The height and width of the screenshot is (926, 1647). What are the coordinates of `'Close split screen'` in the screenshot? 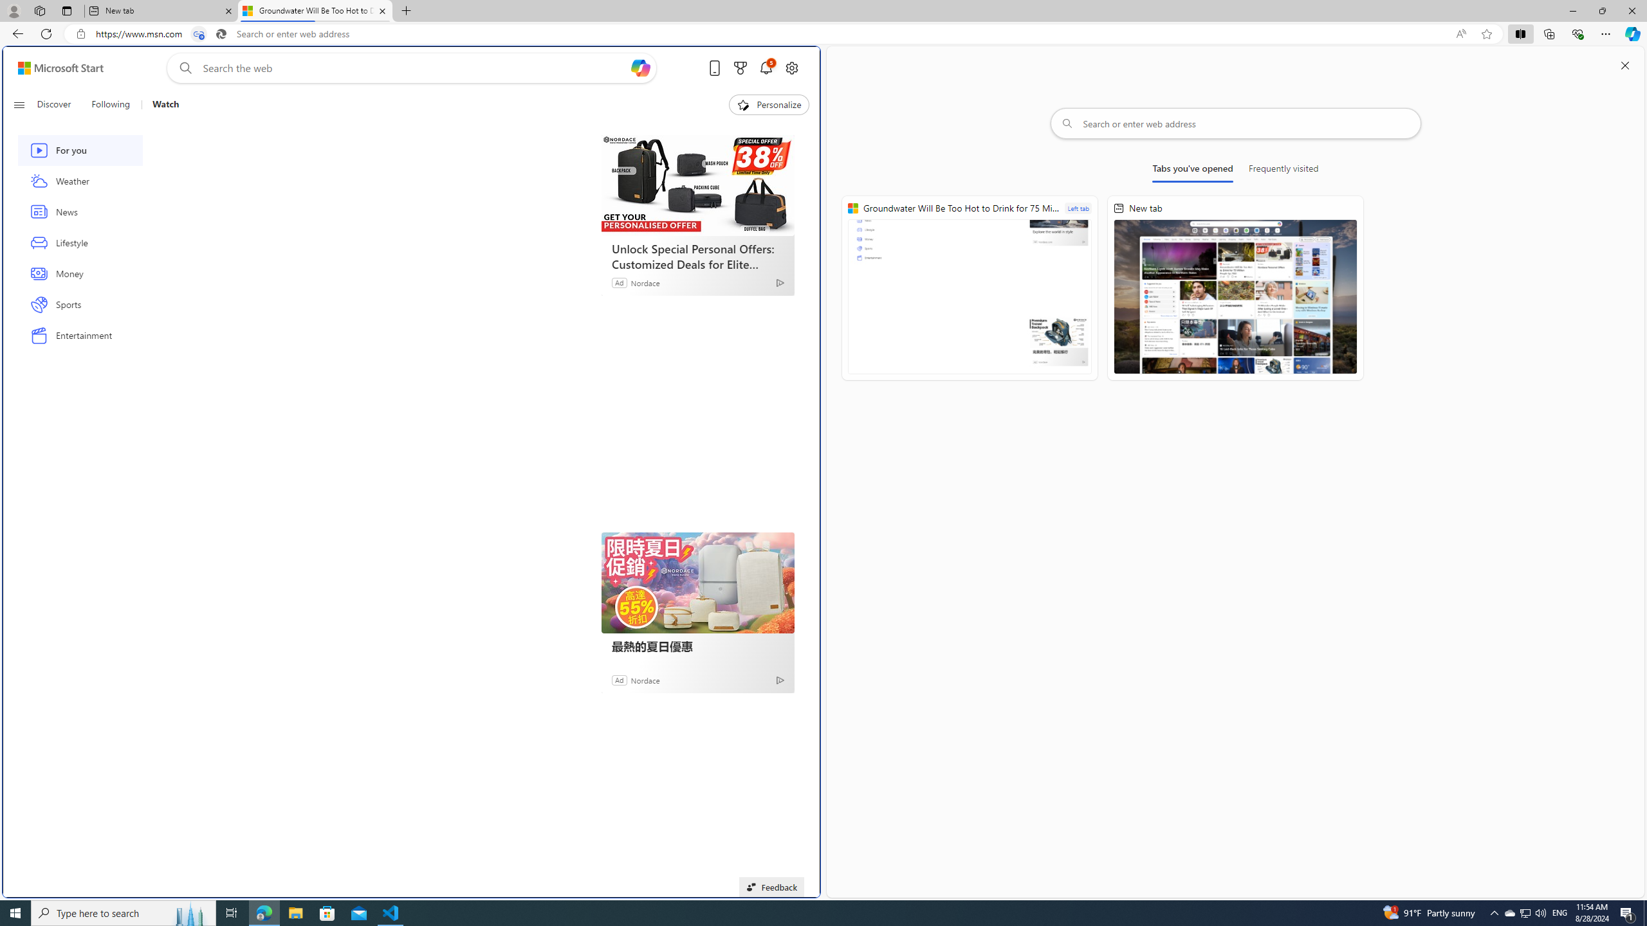 It's located at (1625, 64).